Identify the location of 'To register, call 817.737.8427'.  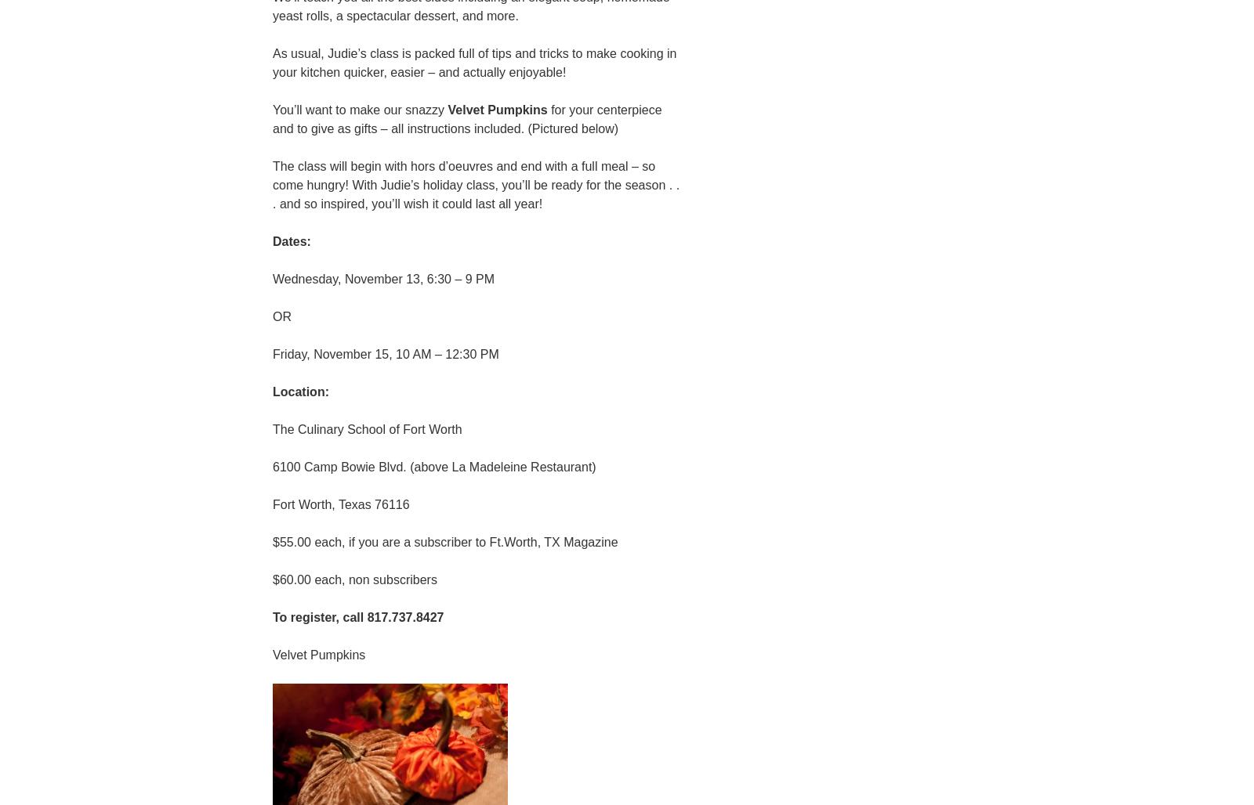
(273, 616).